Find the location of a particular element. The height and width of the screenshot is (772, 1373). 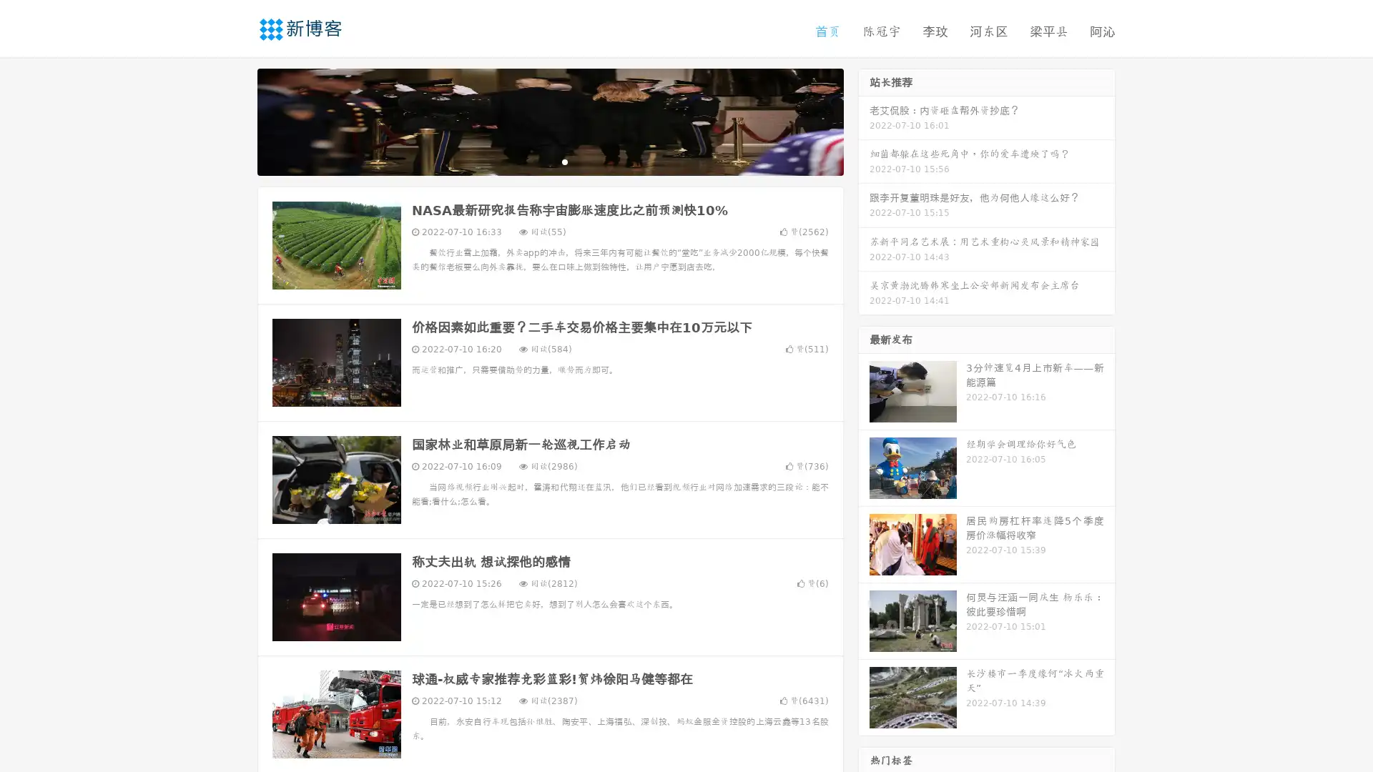

Go to slide 3 is located at coordinates (564, 161).